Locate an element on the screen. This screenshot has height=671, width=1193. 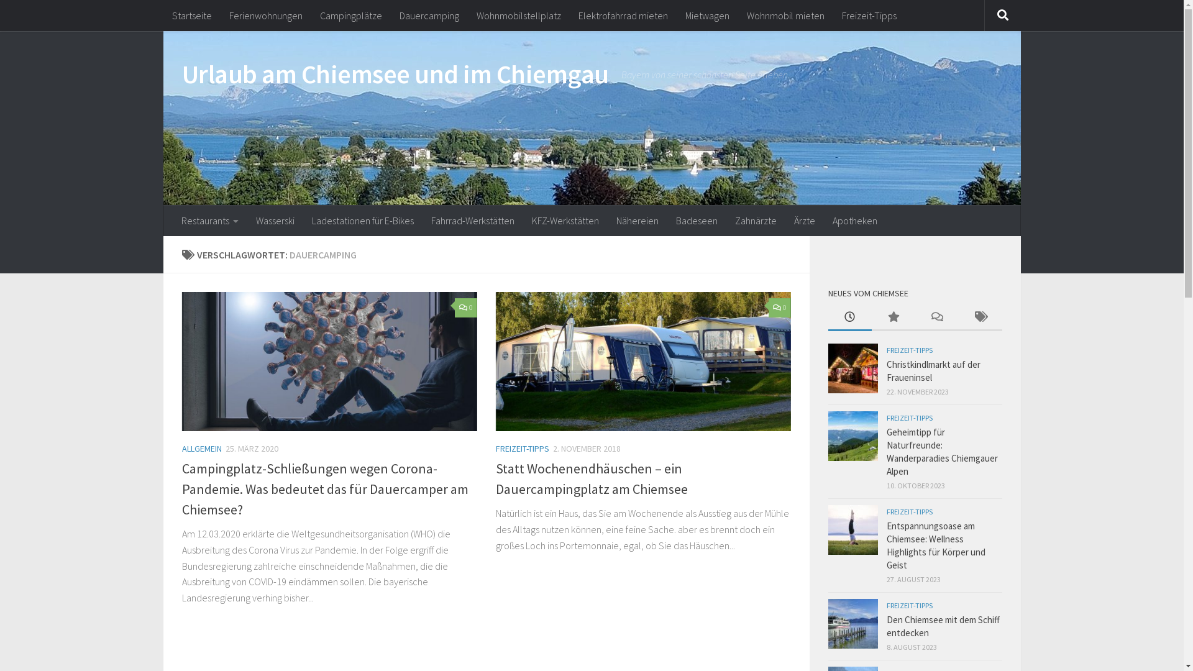
'ALLGEMEIN' is located at coordinates (181, 448).